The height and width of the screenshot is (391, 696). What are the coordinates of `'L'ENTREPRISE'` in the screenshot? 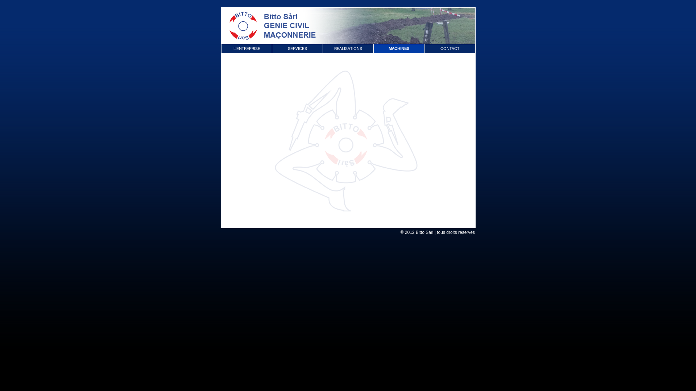 It's located at (246, 48).